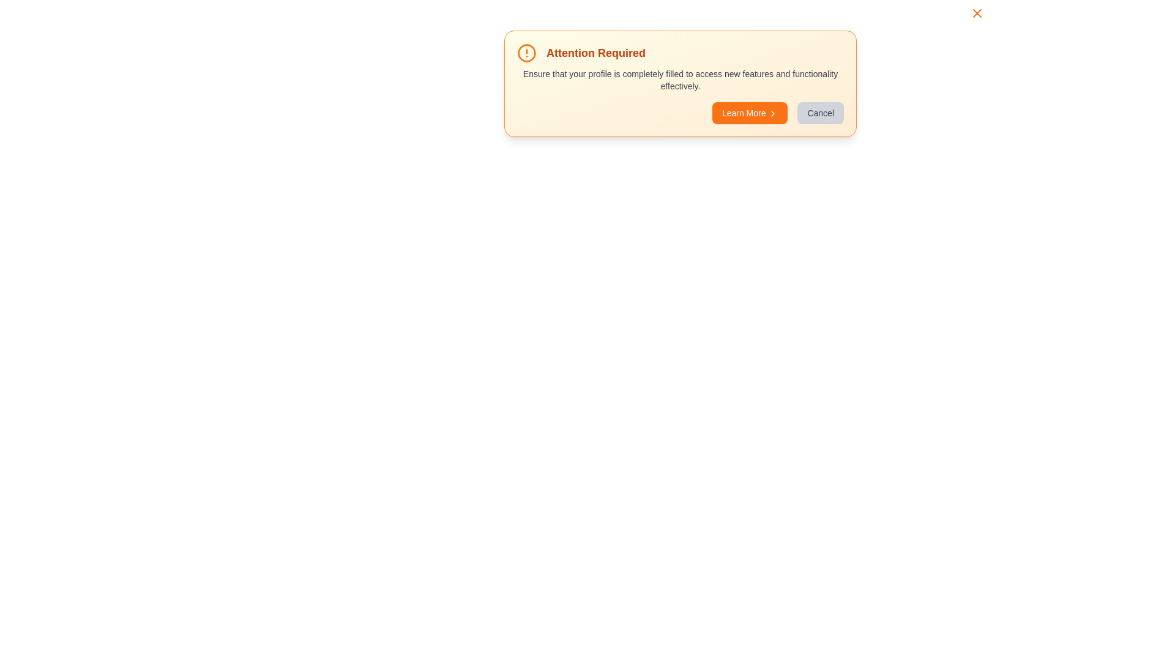 The width and height of the screenshot is (1175, 661). What do you see at coordinates (749, 113) in the screenshot?
I see `the 'Learn More' button` at bounding box center [749, 113].